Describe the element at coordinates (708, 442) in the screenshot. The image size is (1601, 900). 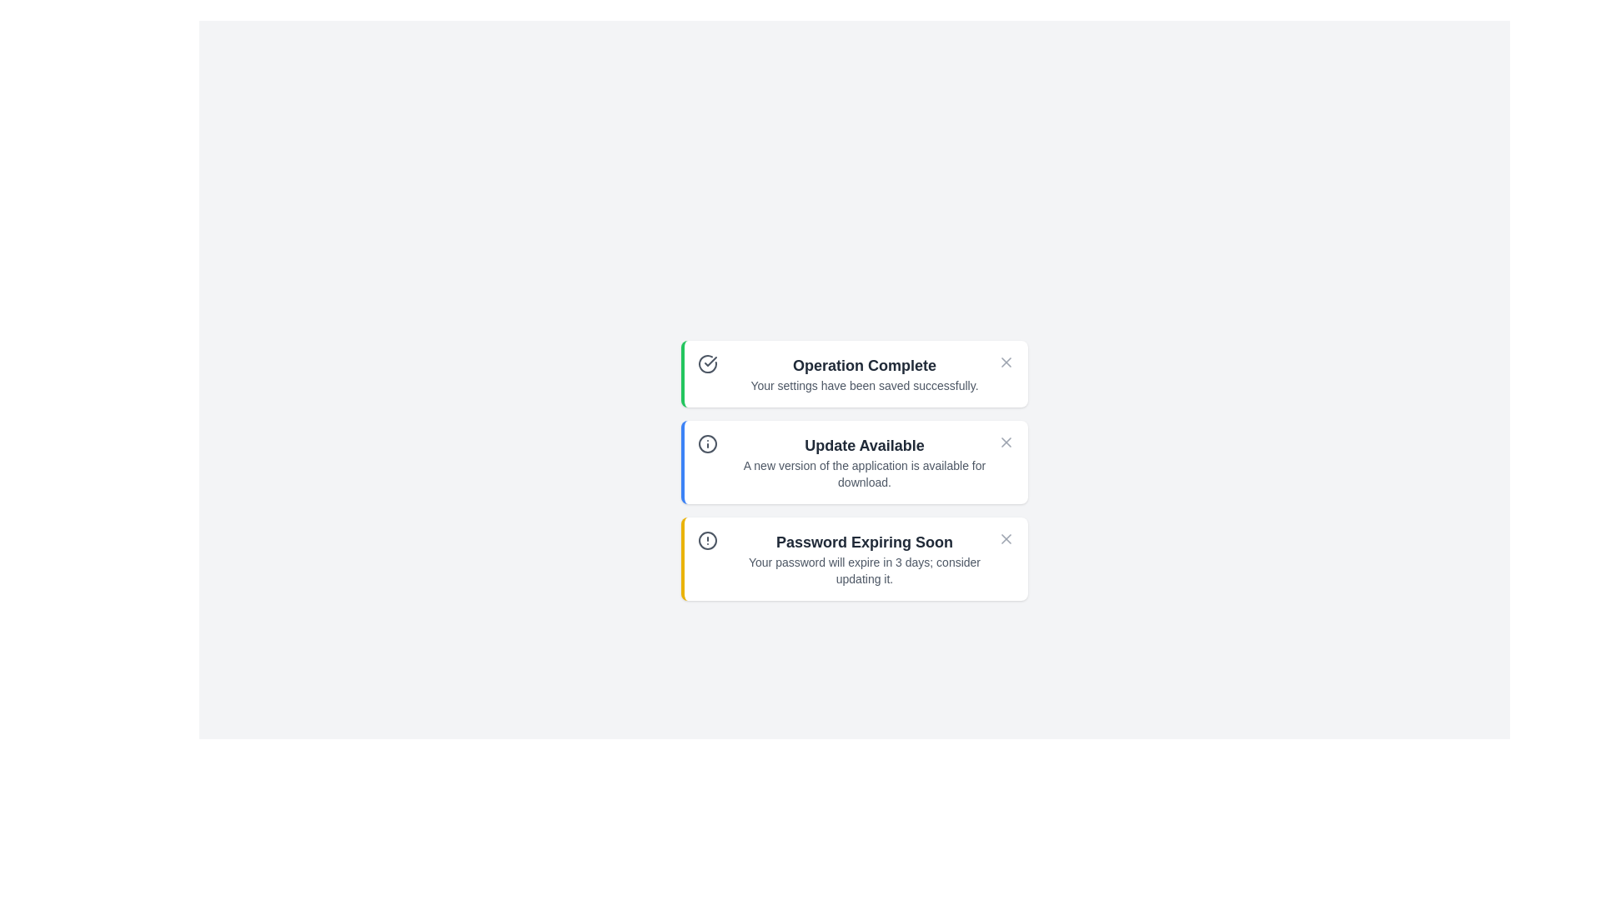
I see `the Circular SVG Element within the 'Update Available' notification icon to enhance the visual representation of the status` at that location.